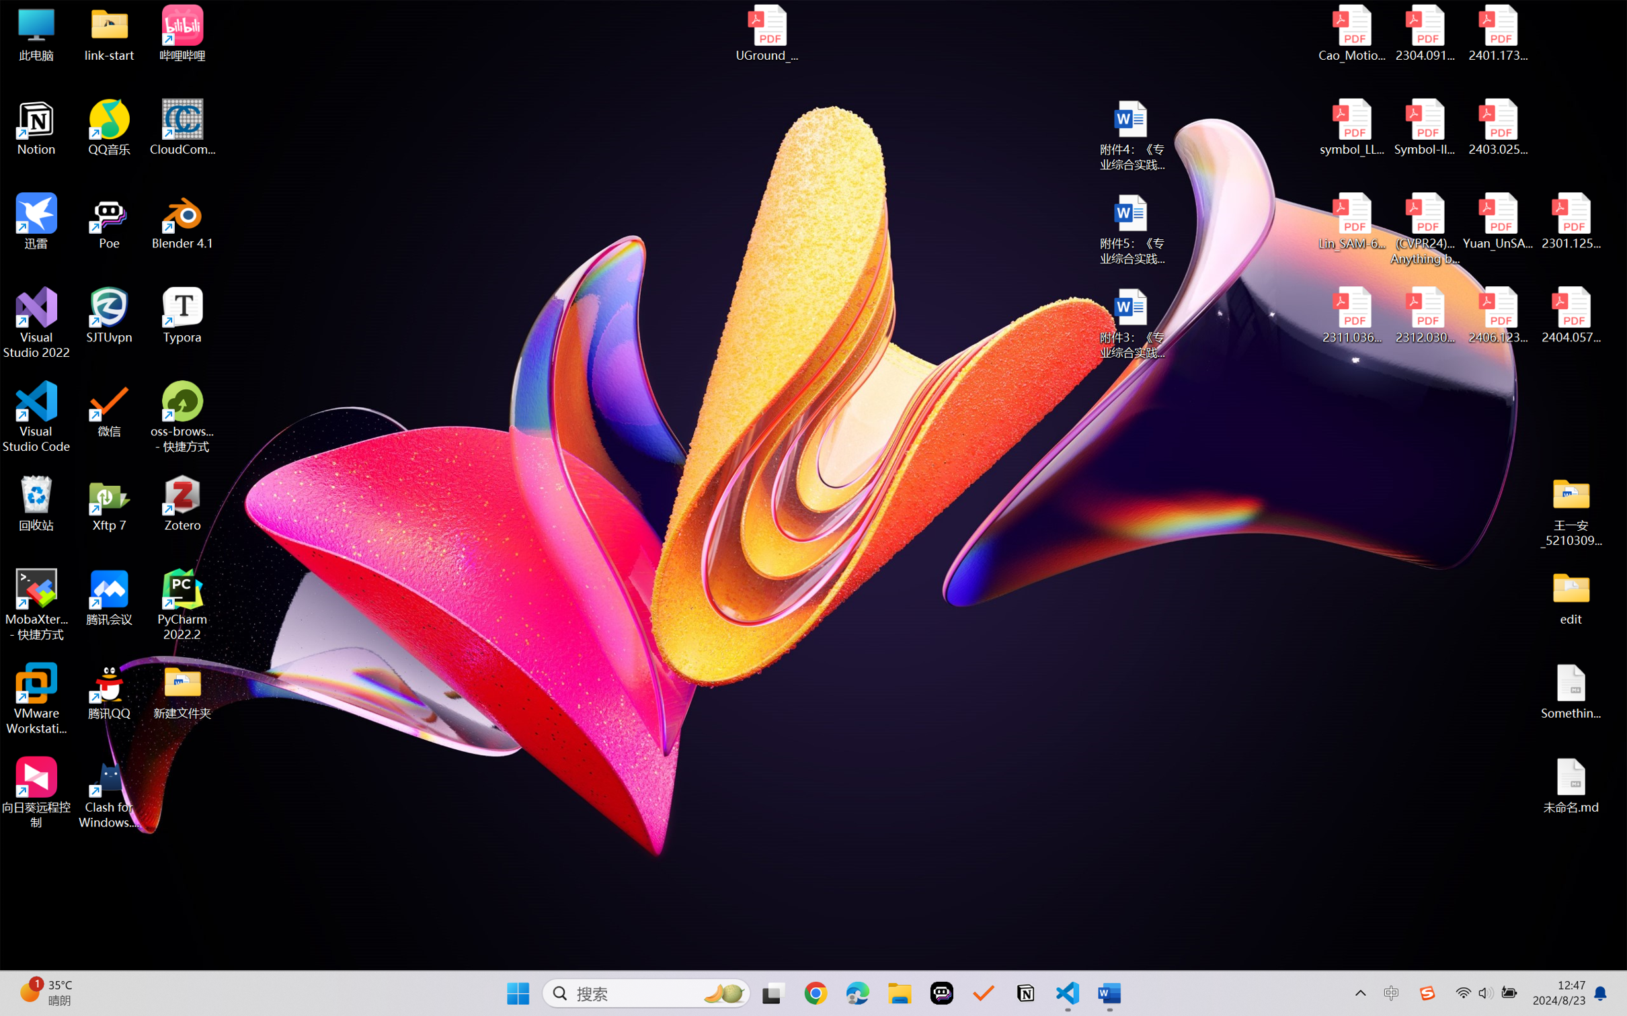  What do you see at coordinates (182, 128) in the screenshot?
I see `'CloudCompare'` at bounding box center [182, 128].